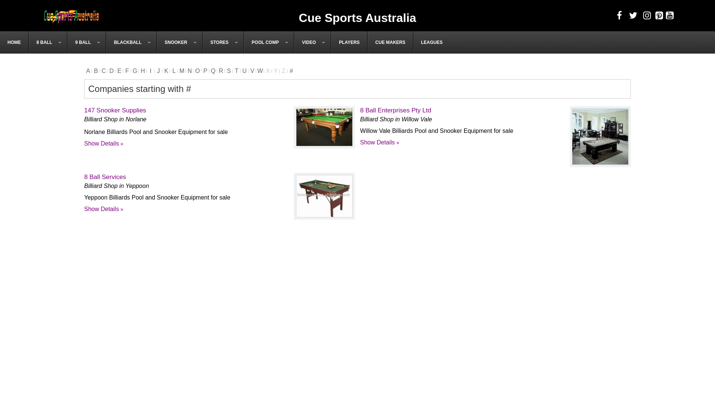 This screenshot has height=402, width=715. What do you see at coordinates (88, 71) in the screenshot?
I see `'A'` at bounding box center [88, 71].